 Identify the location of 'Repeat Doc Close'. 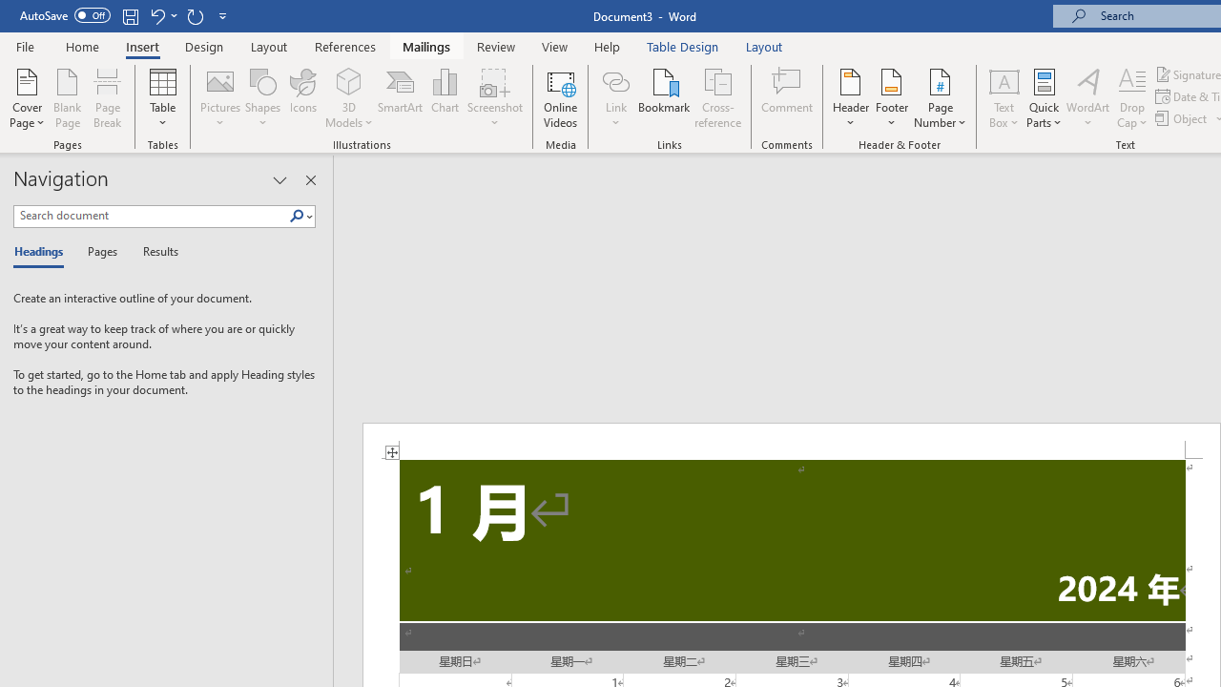
(195, 15).